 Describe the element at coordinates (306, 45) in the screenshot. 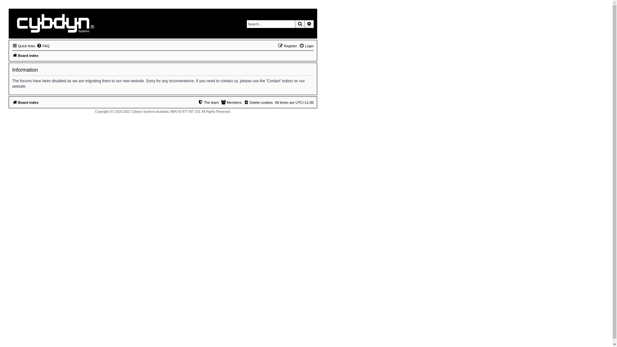

I see `'Login'` at that location.